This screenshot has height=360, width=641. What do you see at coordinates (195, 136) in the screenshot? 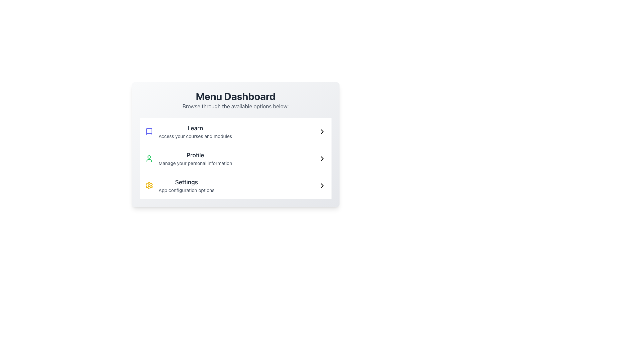
I see `the descriptive Text label located below the 'Learn' option in the card layout` at bounding box center [195, 136].